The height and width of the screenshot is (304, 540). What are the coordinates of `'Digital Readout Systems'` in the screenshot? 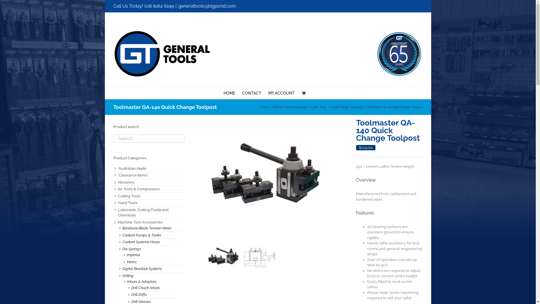 It's located at (142, 268).